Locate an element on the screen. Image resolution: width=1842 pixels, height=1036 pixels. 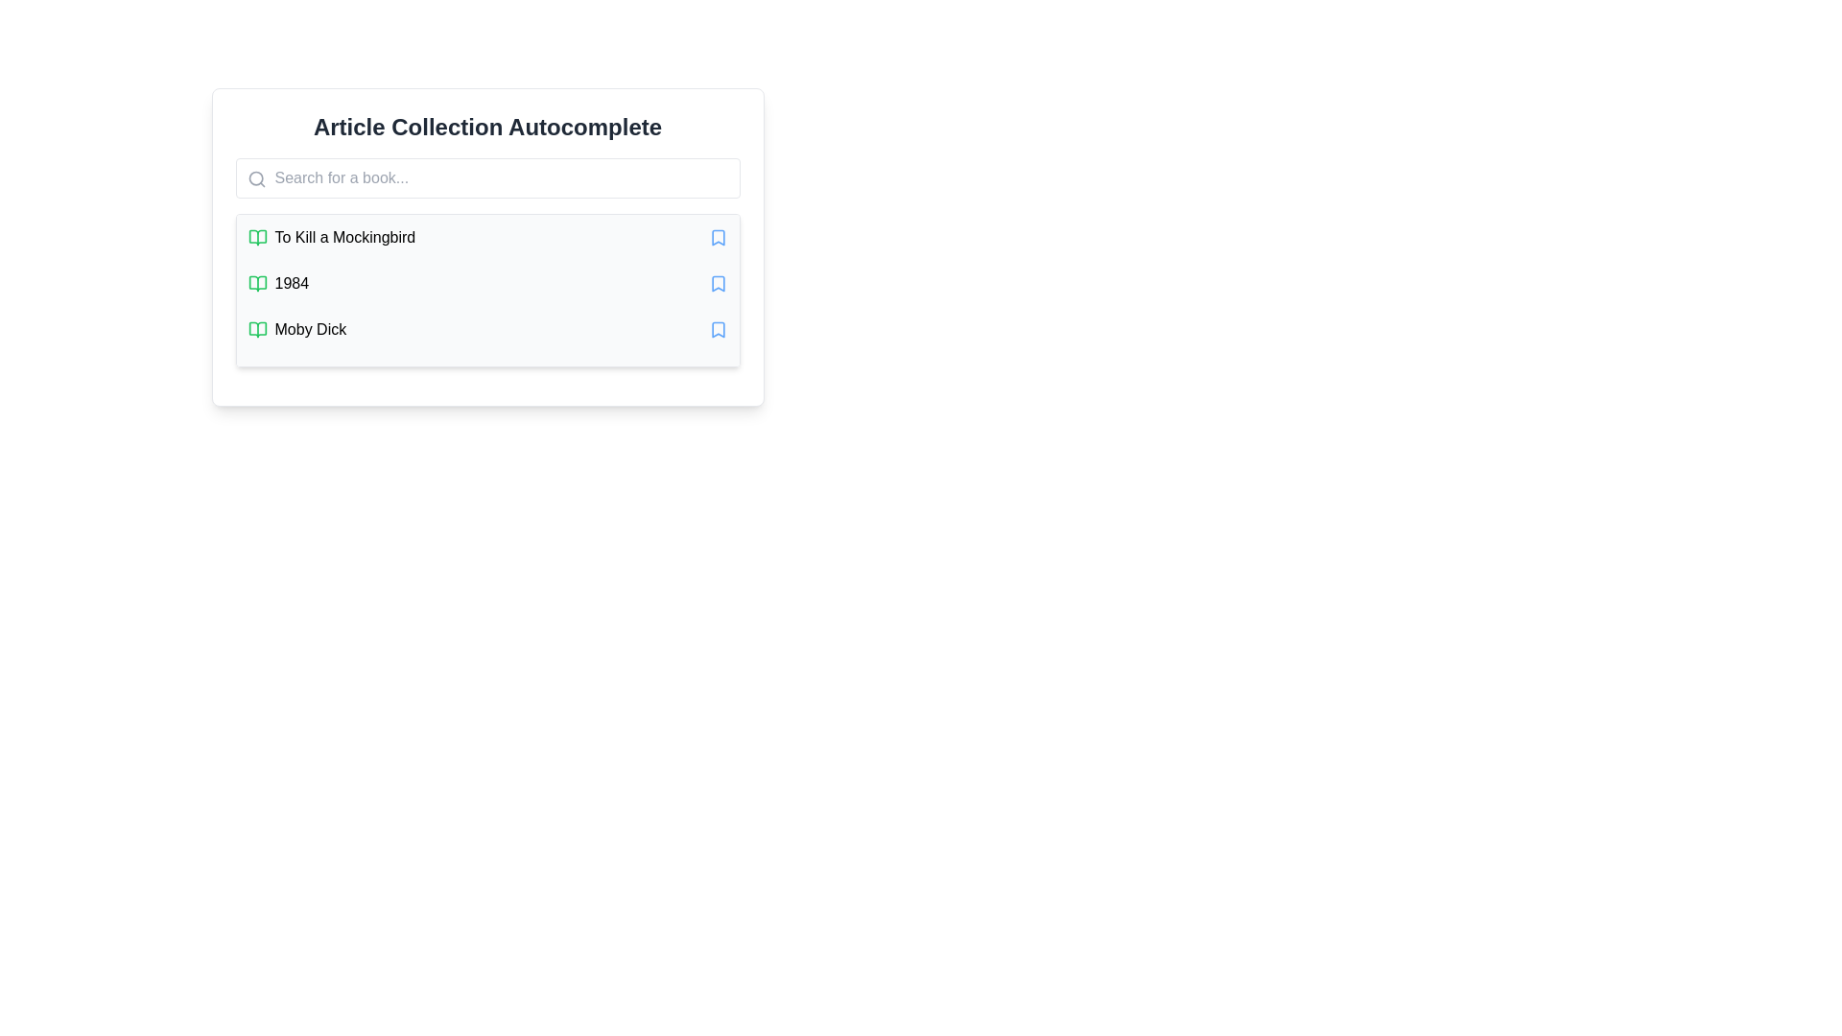
the third item in the autocomplete dropdown representing the book 'Moby Dick' is located at coordinates (487, 328).